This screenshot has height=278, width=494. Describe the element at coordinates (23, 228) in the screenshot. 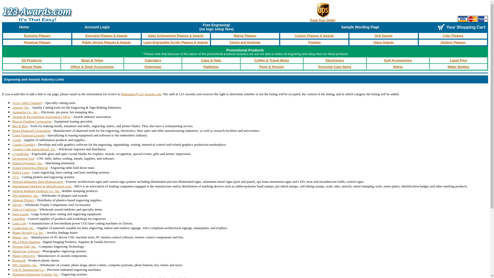

I see `'Leathertone Inc.'` at that location.